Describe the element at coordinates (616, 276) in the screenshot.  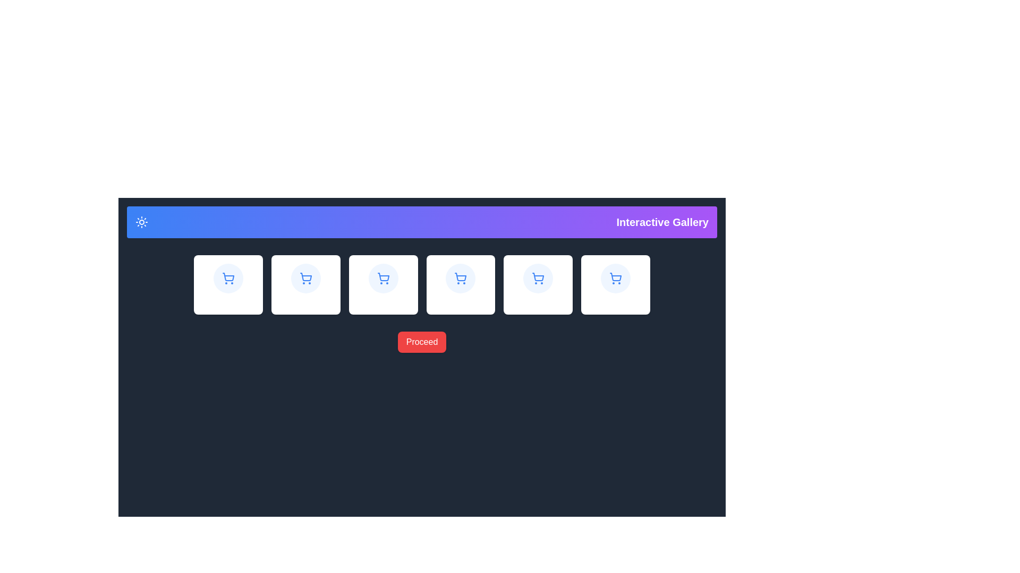
I see `the shopping cart icon, which is centrally positioned in one of the square cards on the interface` at that location.